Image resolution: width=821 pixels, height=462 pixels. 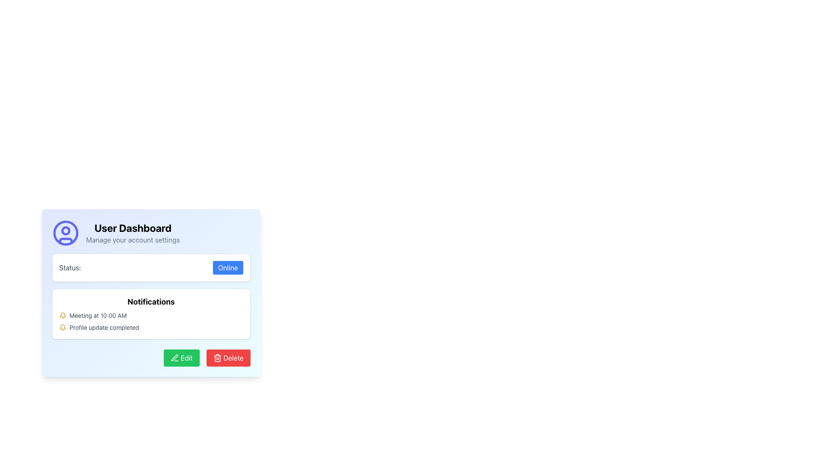 I want to click on the notification item representing a scheduled meeting at 10:00 AM to acknowledge it, so click(x=151, y=315).